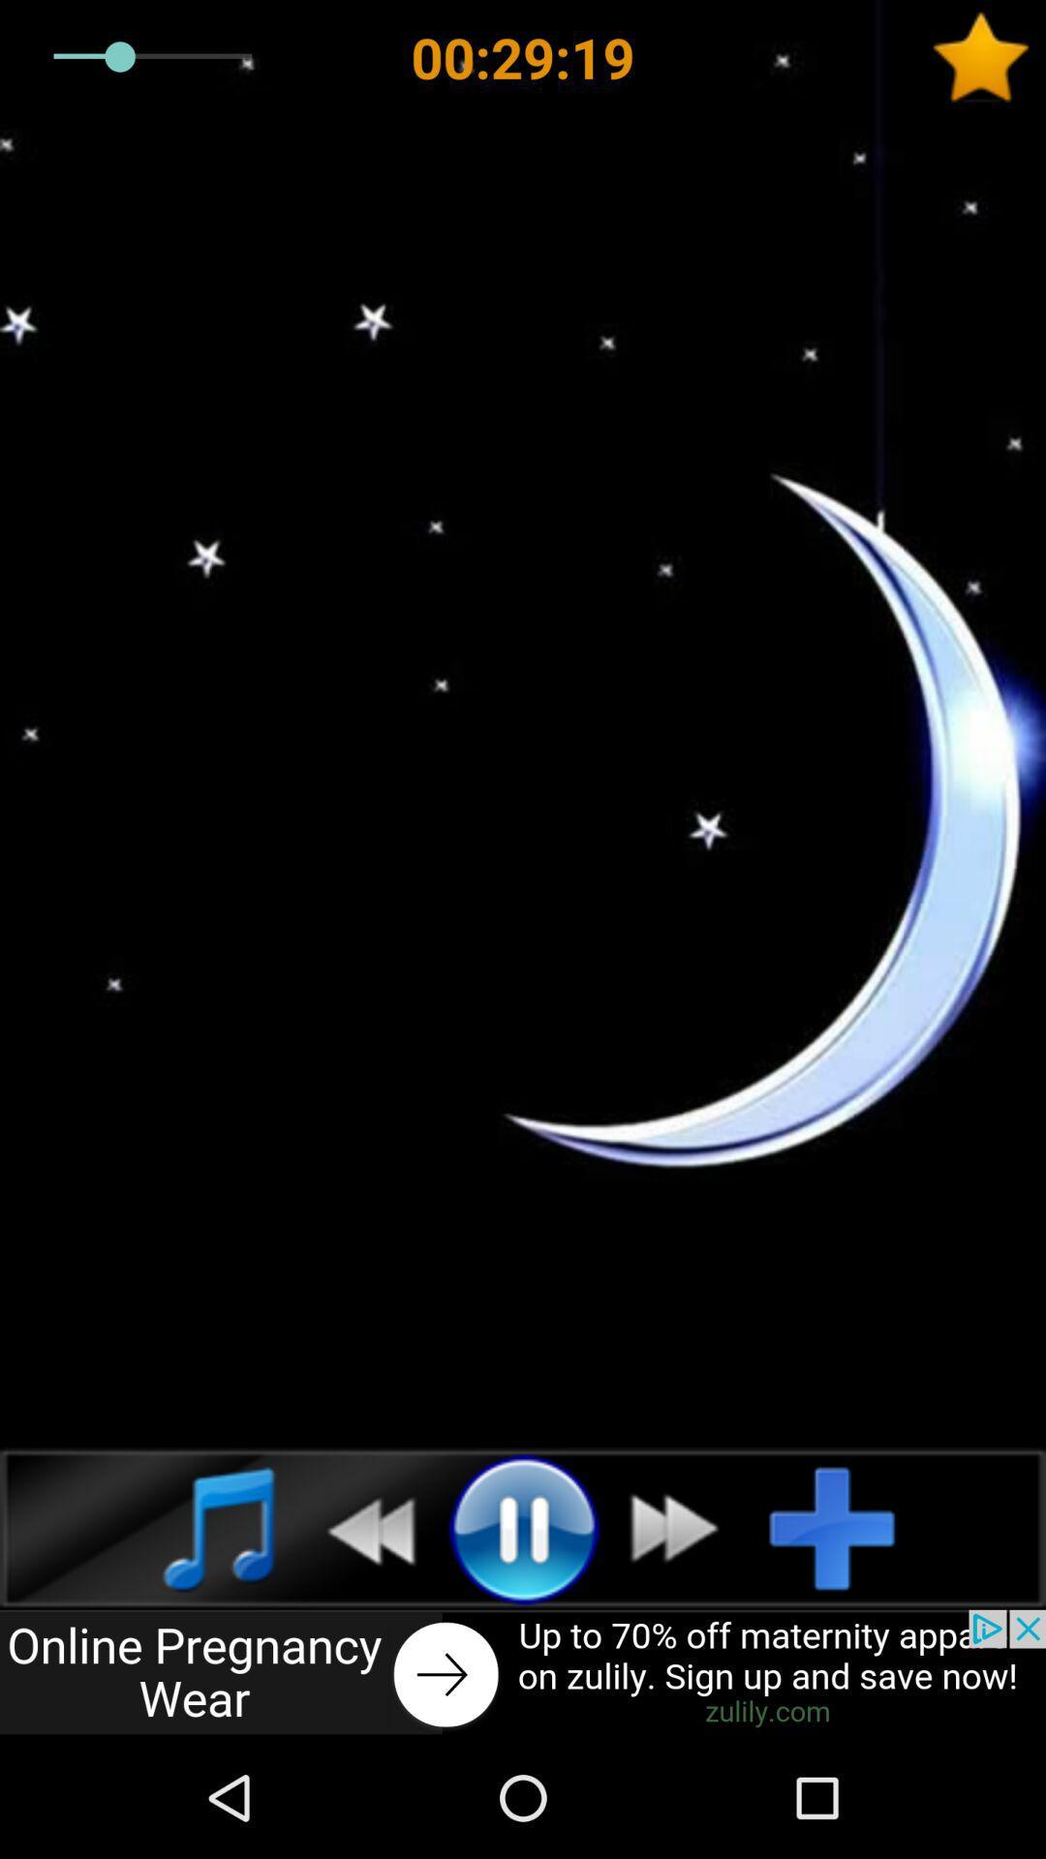 The image size is (1046, 1859). Describe the element at coordinates (685, 1527) in the screenshot. I see `the av_forward icon` at that location.